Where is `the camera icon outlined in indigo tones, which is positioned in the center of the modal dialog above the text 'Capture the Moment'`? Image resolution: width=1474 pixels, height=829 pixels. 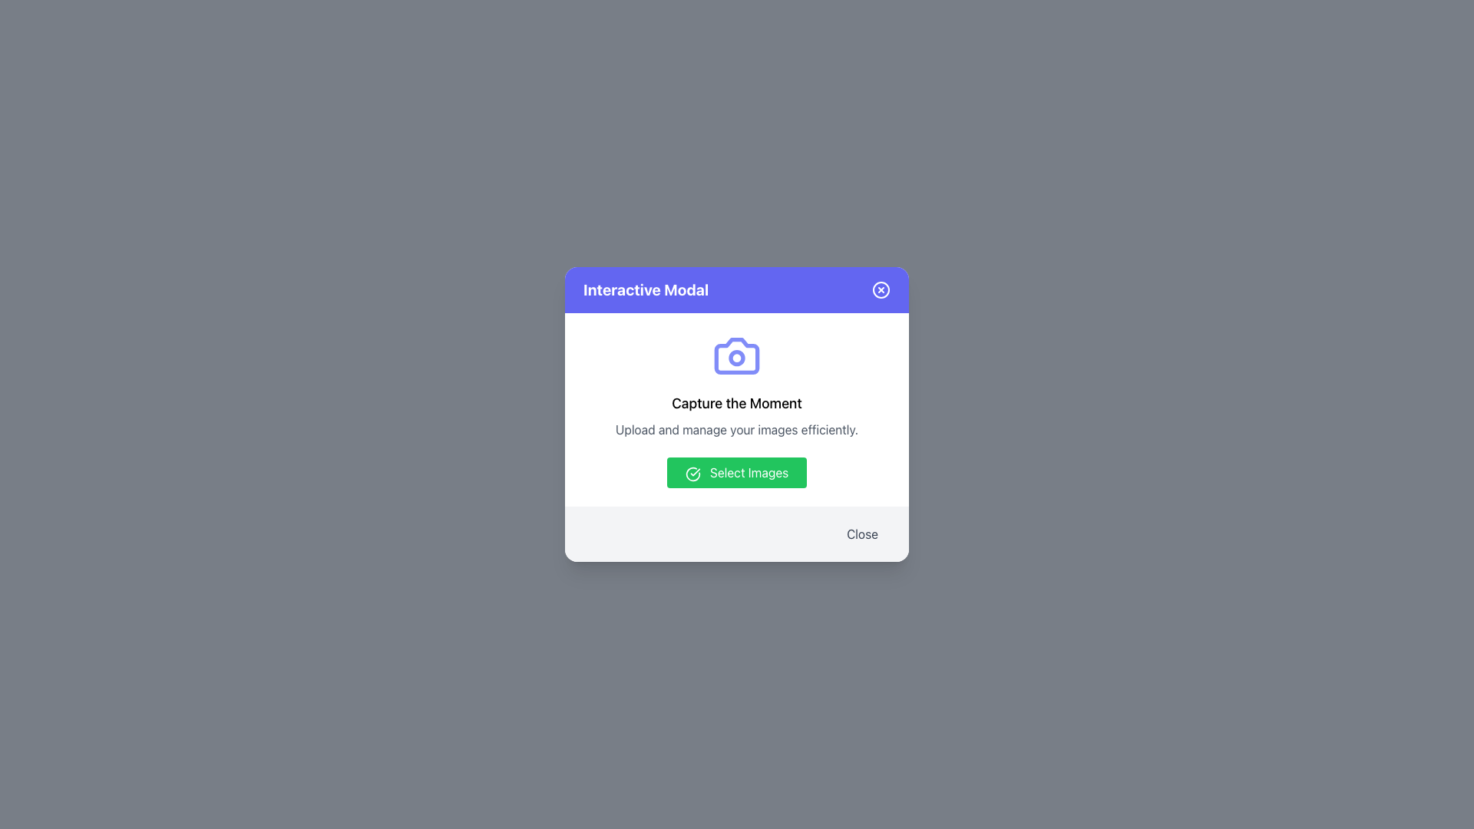
the camera icon outlined in indigo tones, which is positioned in the center of the modal dialog above the text 'Capture the Moment' is located at coordinates (737, 355).